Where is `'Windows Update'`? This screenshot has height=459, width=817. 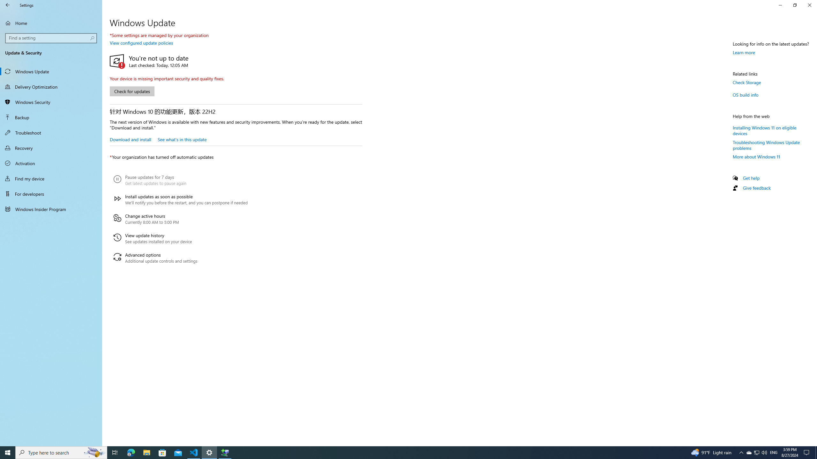
'Windows Update' is located at coordinates (51, 71).